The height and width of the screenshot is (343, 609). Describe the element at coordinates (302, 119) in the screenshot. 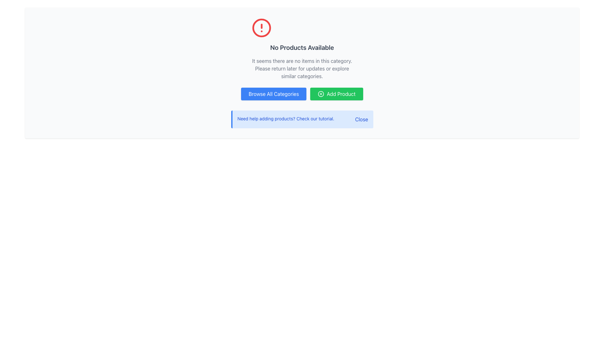

I see `help information displayed in the Info Tooltip with a light blue background and a 'Close' link on the right, located below the buttons 'Browse All Categories' and 'Add Product'` at that location.